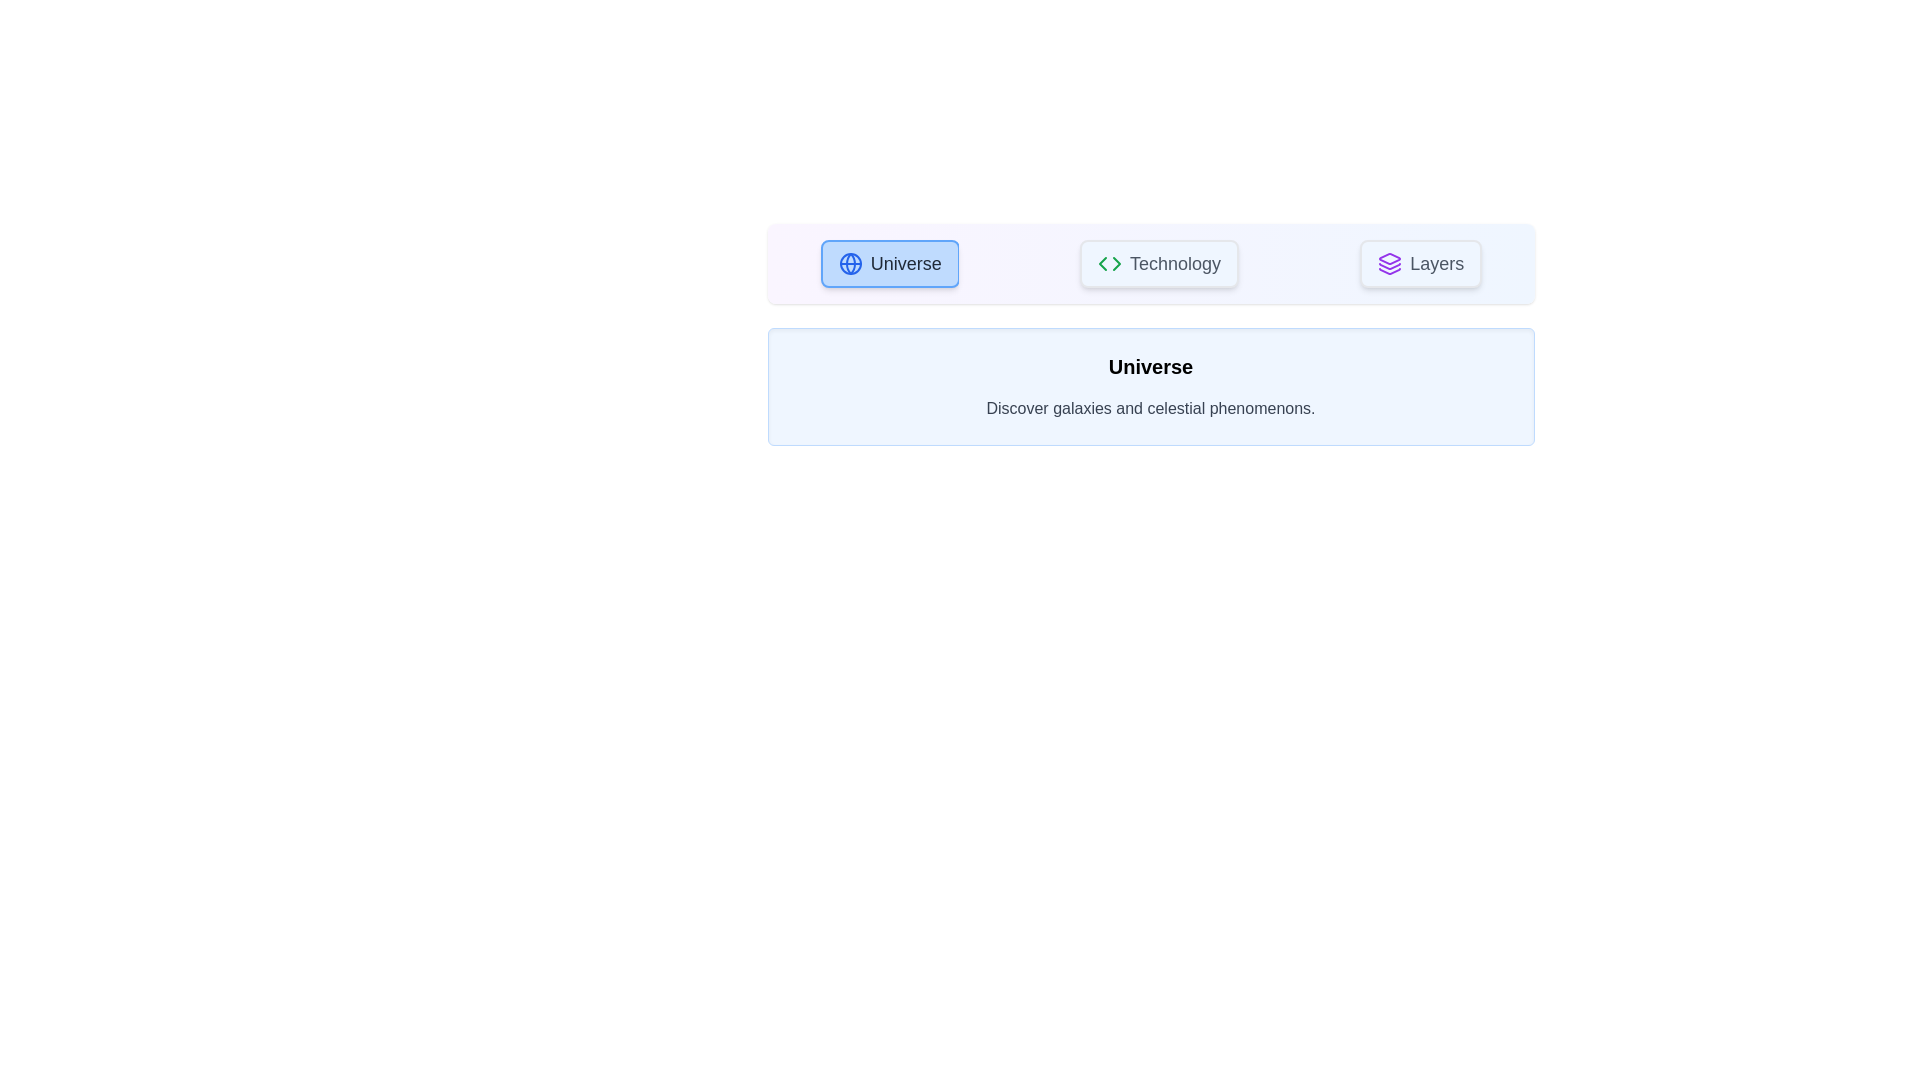 This screenshot has height=1079, width=1919. I want to click on the icon of the Technology tab, so click(1108, 262).